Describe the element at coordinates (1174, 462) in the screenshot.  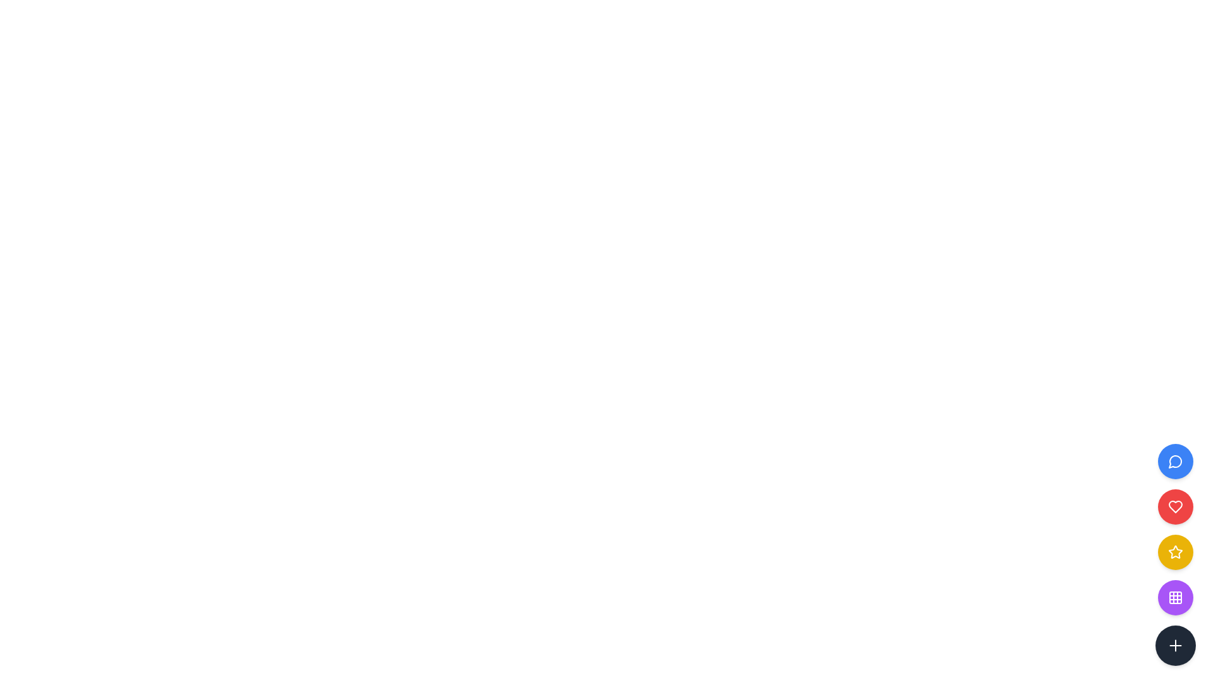
I see `the circular blue button with a white border and a chat bubble icon in the center, located at the top of a vertical stack of buttons` at that location.